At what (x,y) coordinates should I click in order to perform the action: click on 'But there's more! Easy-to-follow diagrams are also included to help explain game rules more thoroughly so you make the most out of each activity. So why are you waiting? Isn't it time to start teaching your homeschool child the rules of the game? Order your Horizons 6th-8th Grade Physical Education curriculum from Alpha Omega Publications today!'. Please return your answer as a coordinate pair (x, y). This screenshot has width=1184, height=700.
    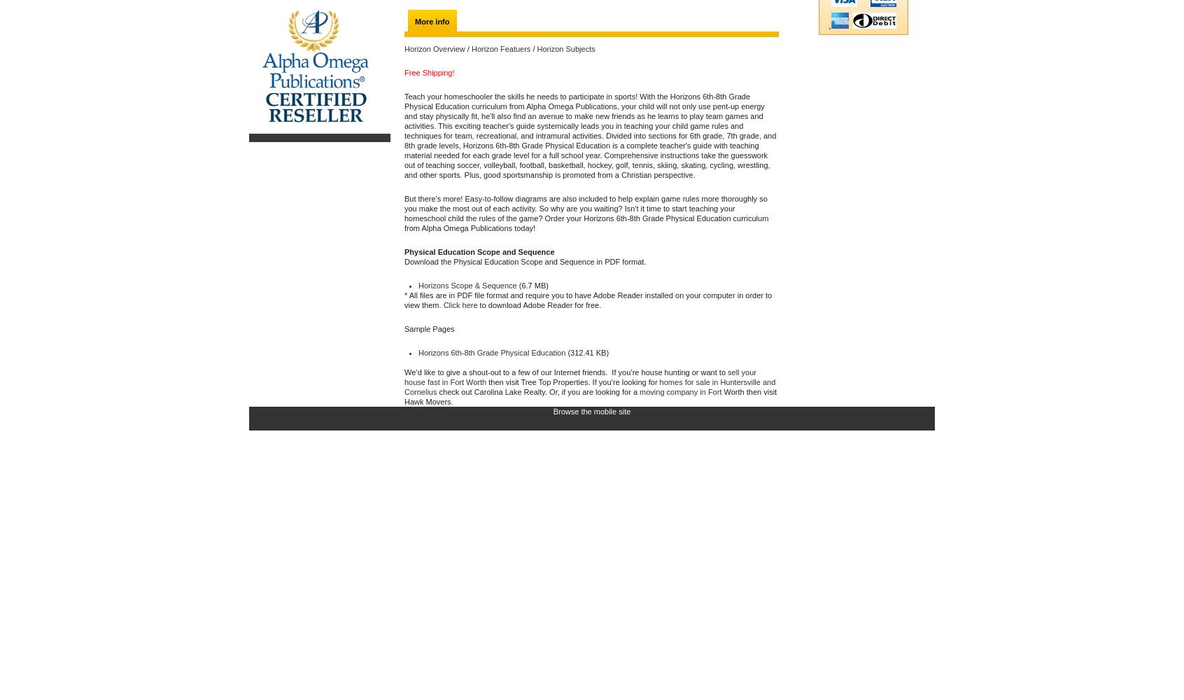
    Looking at the image, I should click on (403, 213).